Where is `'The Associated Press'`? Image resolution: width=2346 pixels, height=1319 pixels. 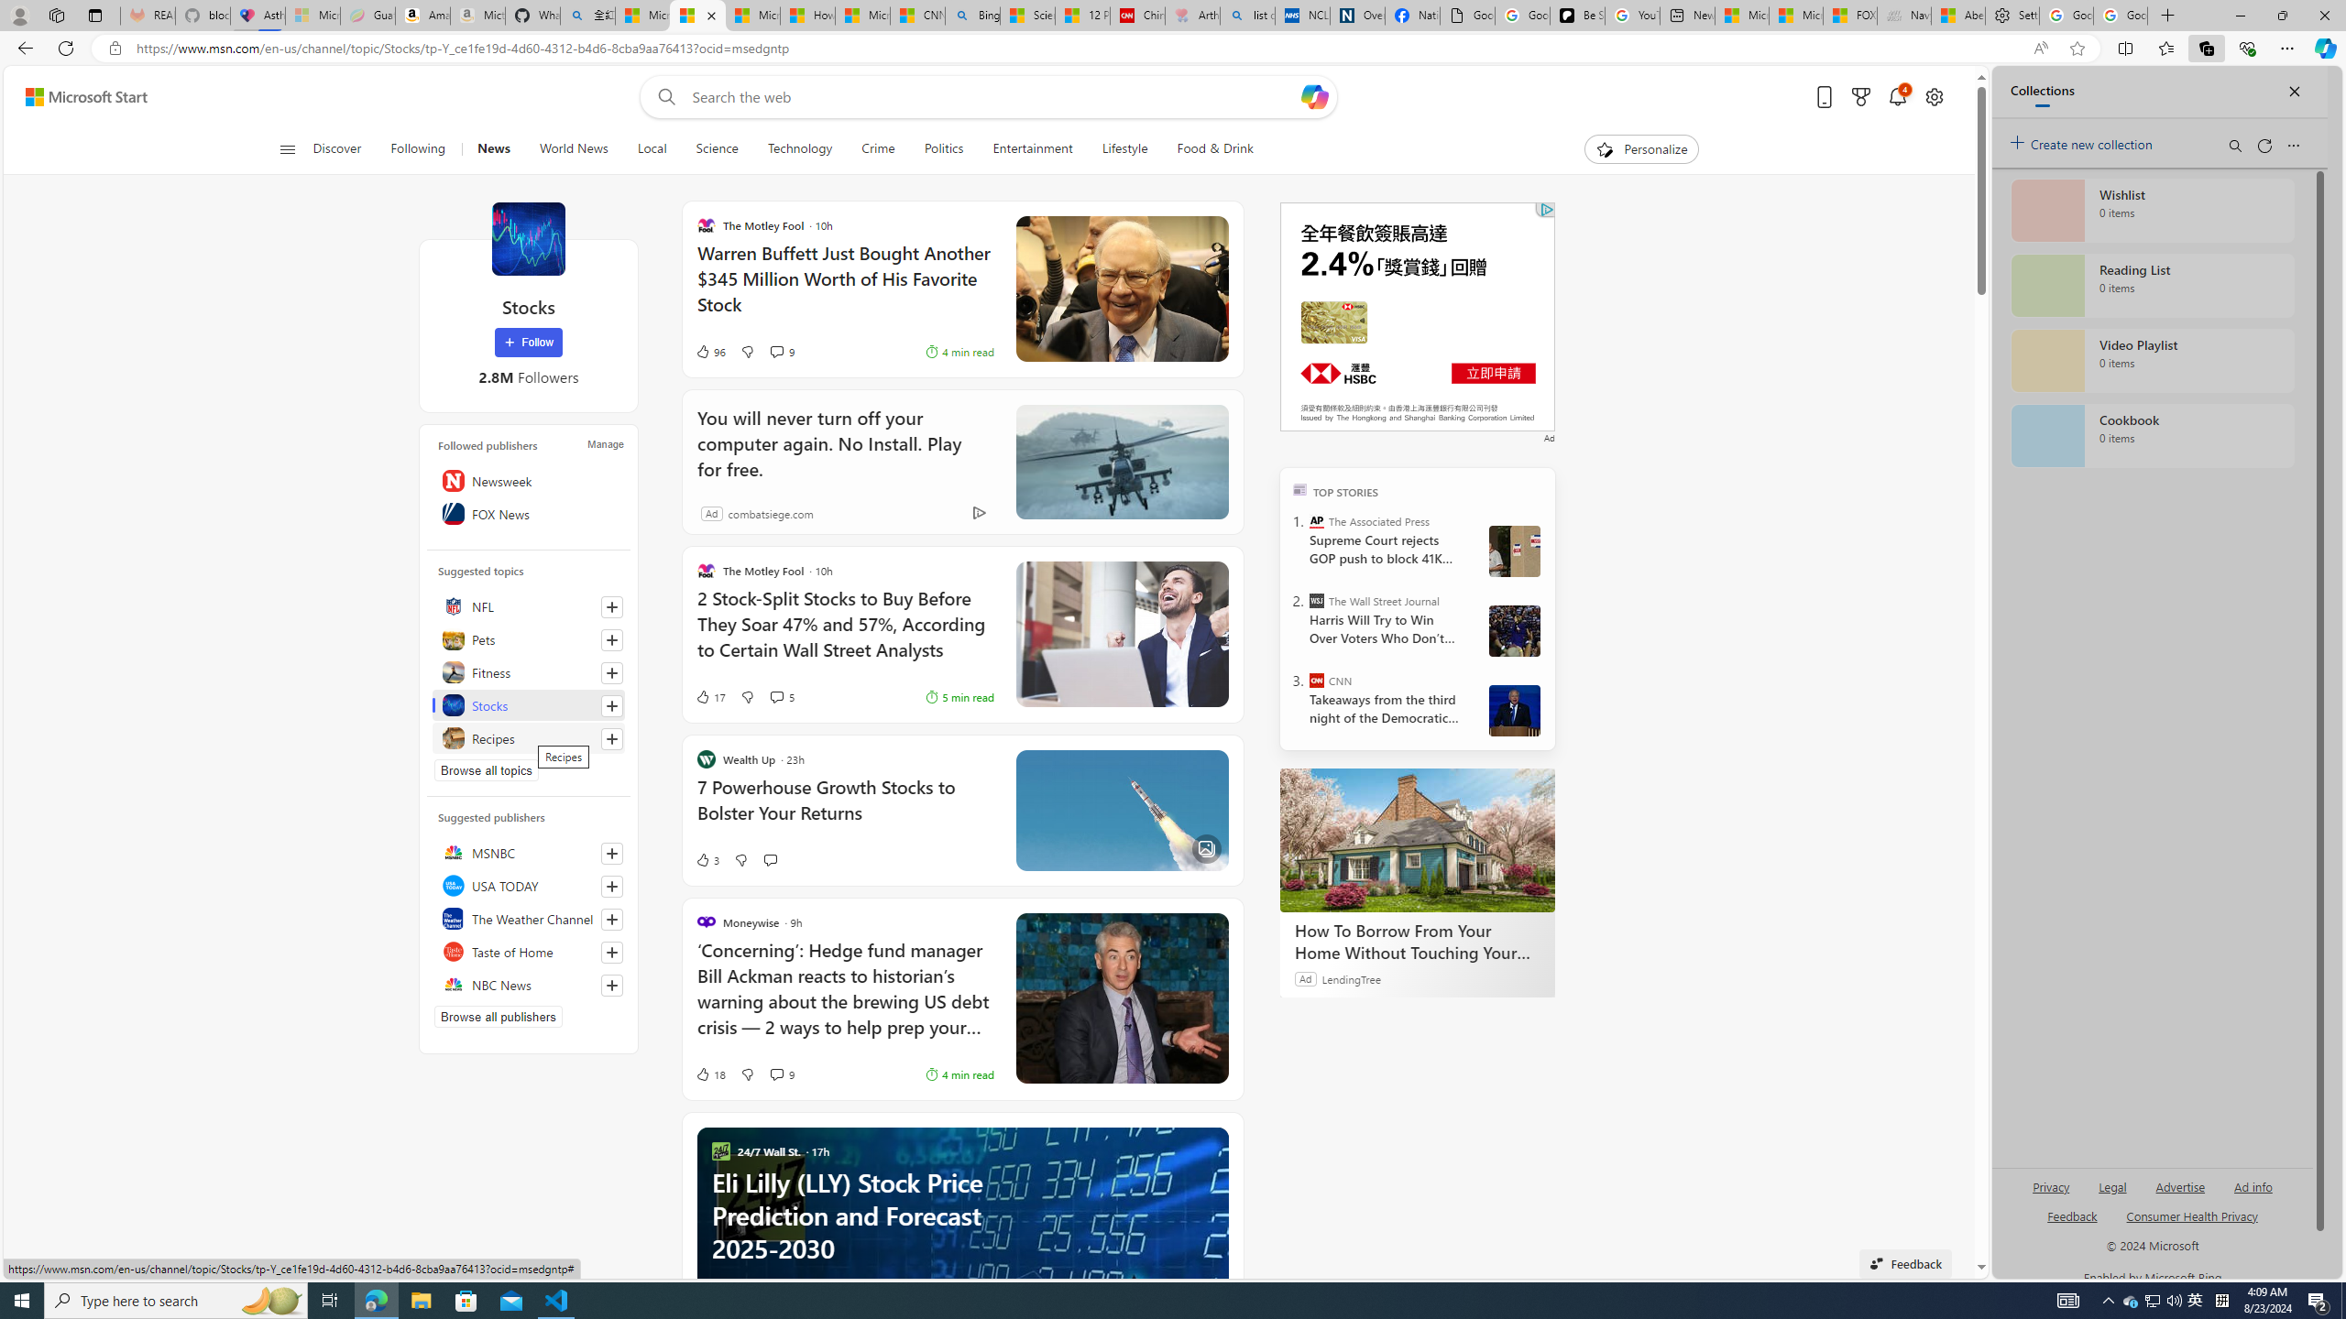
'The Associated Press' is located at coordinates (1315, 520).